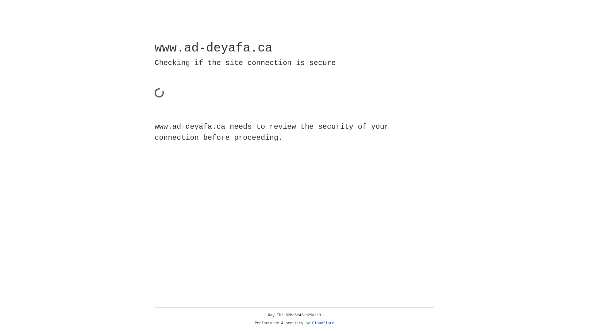  Describe the element at coordinates (323, 323) in the screenshot. I see `'Cloudflare'` at that location.